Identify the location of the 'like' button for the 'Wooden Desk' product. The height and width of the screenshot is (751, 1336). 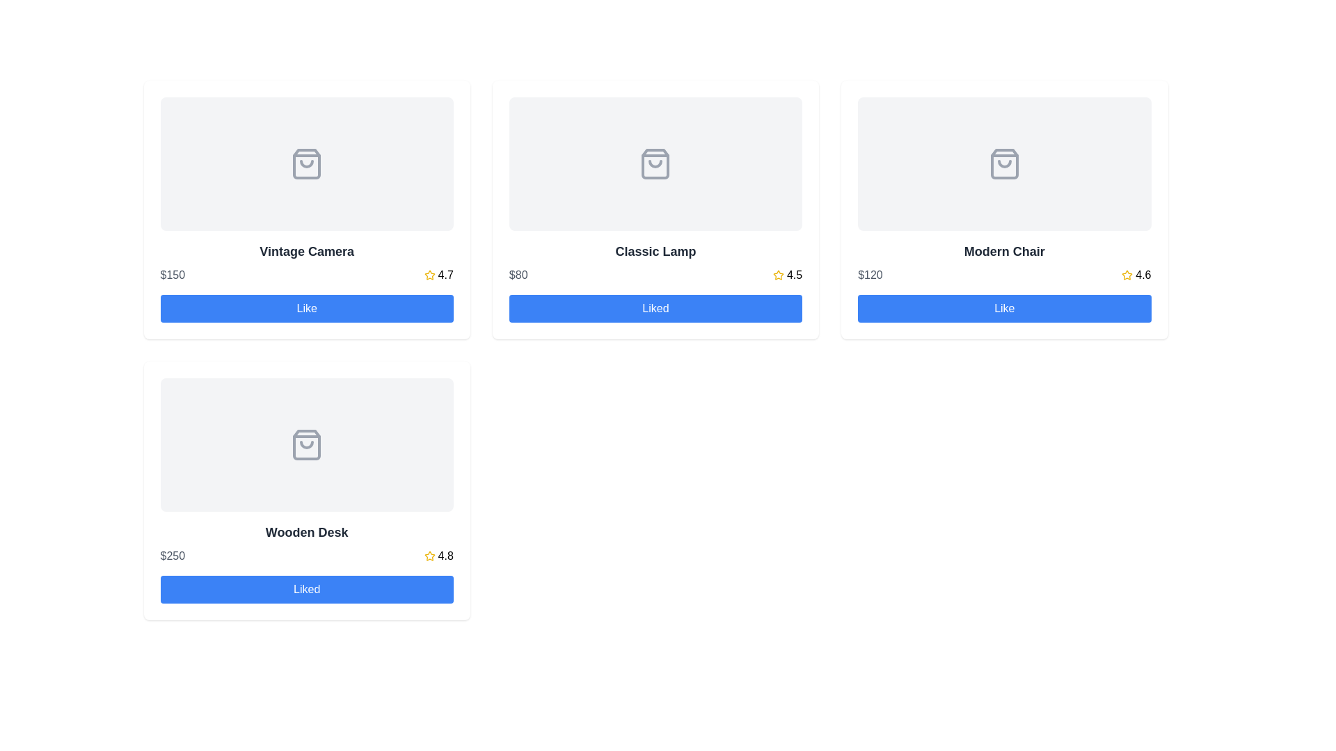
(306, 590).